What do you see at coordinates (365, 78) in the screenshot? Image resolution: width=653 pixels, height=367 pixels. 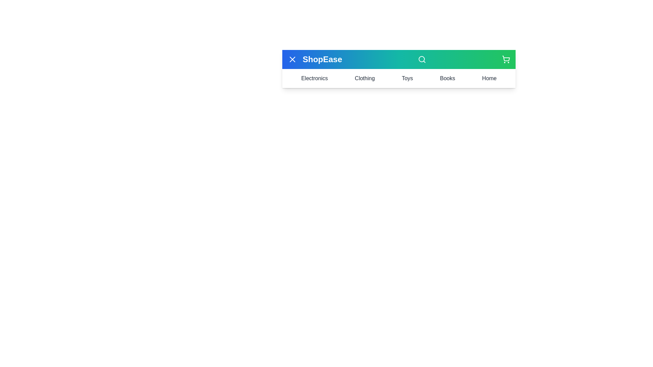 I see `the Clothing menu item to view its content` at bounding box center [365, 78].